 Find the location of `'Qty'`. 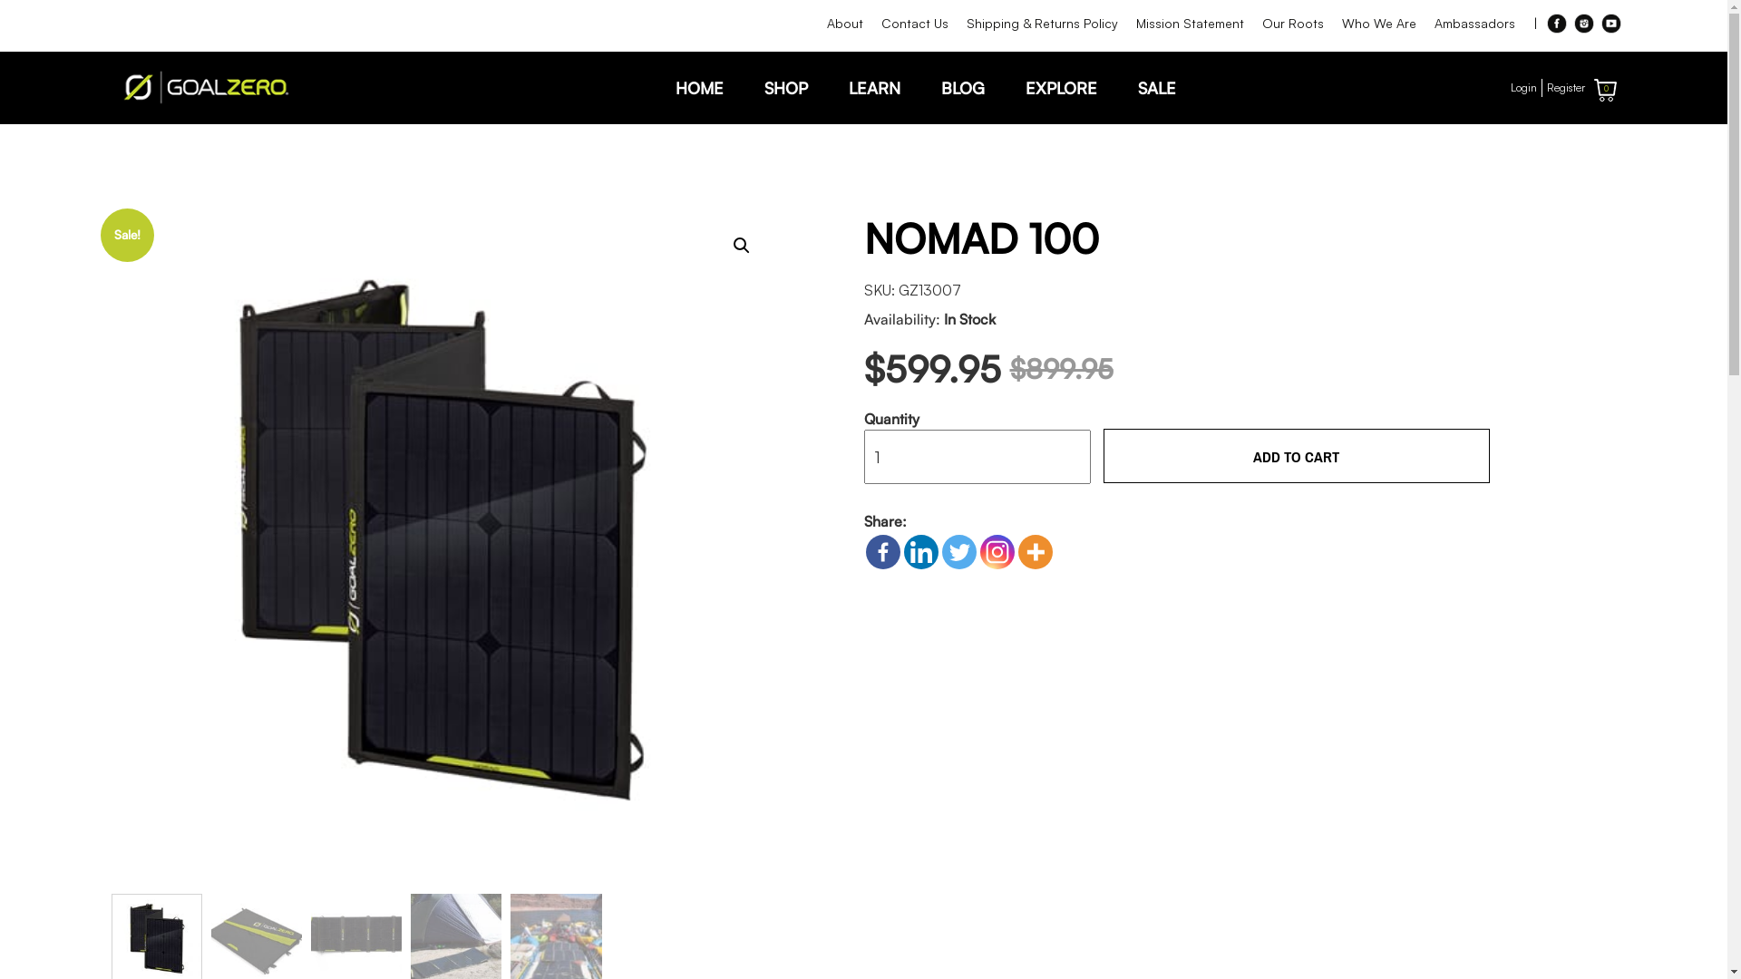

'Qty' is located at coordinates (976, 456).